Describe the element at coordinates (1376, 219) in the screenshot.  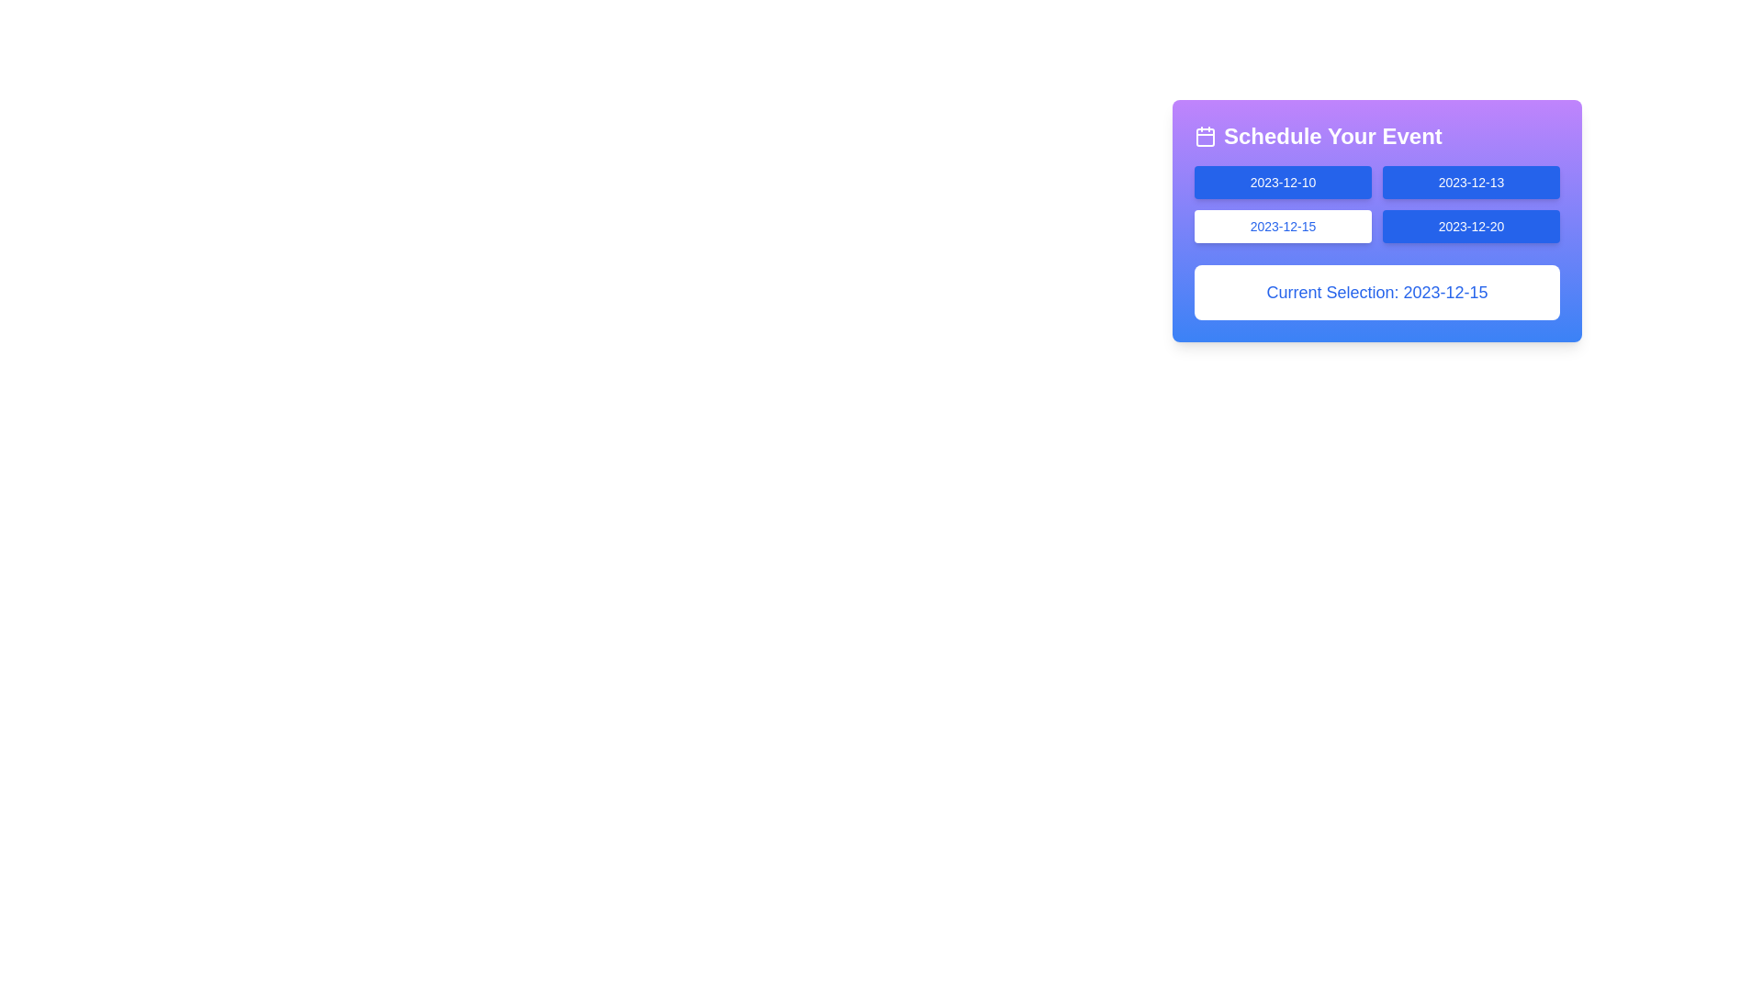
I see `the selectable date buttons in the Interactive Section with the title 'Schedule Your Event', specifically targeting the highlighted date '2023-12-15'` at that location.